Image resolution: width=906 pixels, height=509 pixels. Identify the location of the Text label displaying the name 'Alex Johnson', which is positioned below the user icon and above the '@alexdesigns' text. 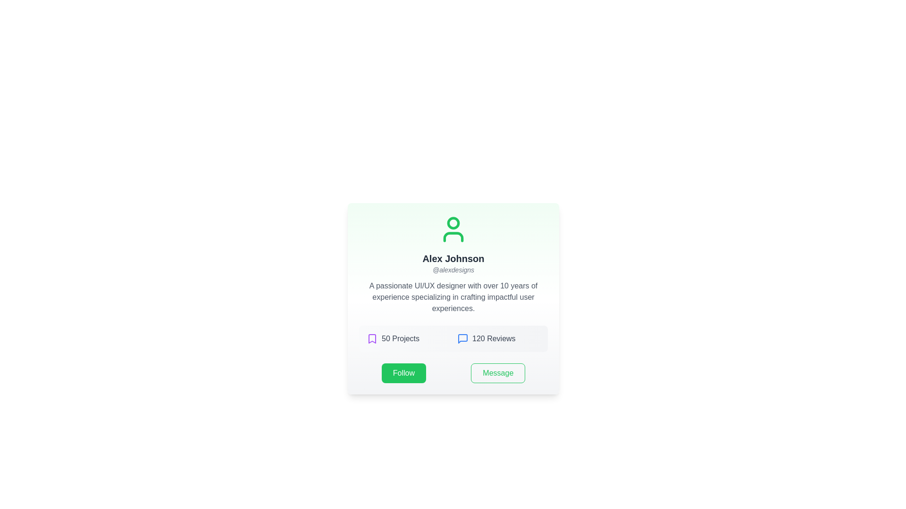
(453, 258).